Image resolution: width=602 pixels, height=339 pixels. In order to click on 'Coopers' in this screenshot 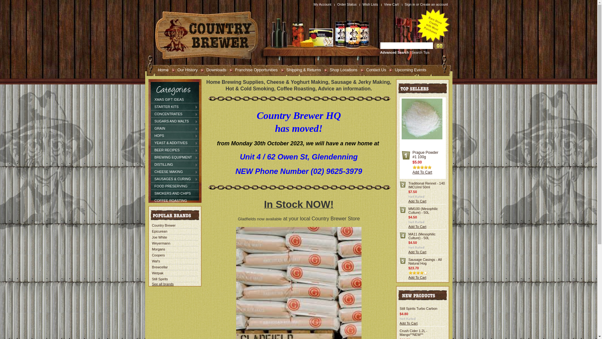, I will do `click(158, 255)`.